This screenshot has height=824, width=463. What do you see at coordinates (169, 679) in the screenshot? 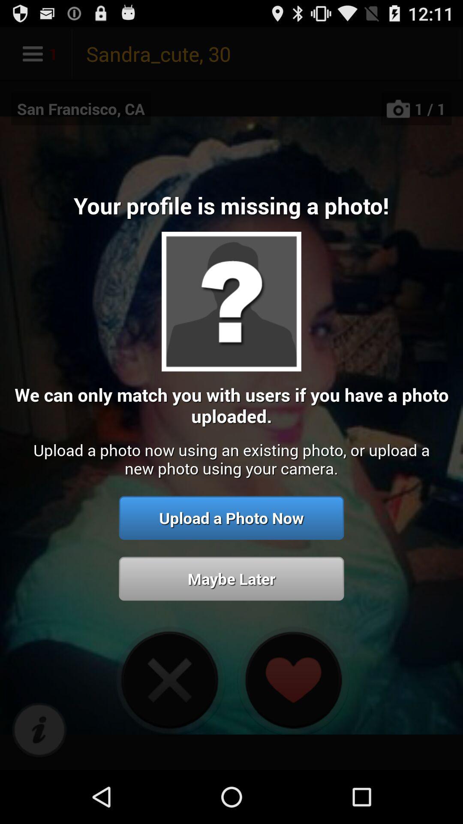
I see `rejected option` at bounding box center [169, 679].